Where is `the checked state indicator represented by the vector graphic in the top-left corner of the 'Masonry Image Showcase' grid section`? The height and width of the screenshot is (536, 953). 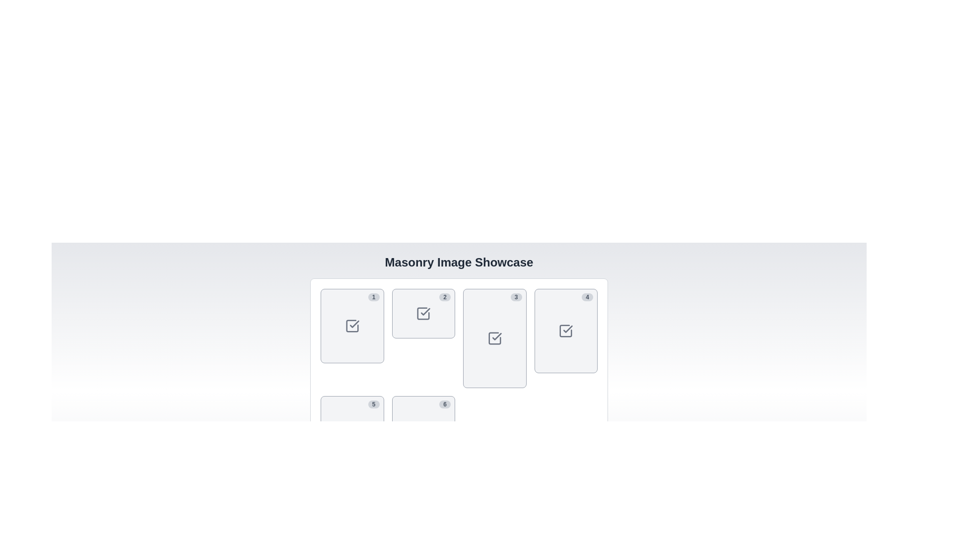 the checked state indicator represented by the vector graphic in the top-left corner of the 'Masonry Image Showcase' grid section is located at coordinates (352, 326).